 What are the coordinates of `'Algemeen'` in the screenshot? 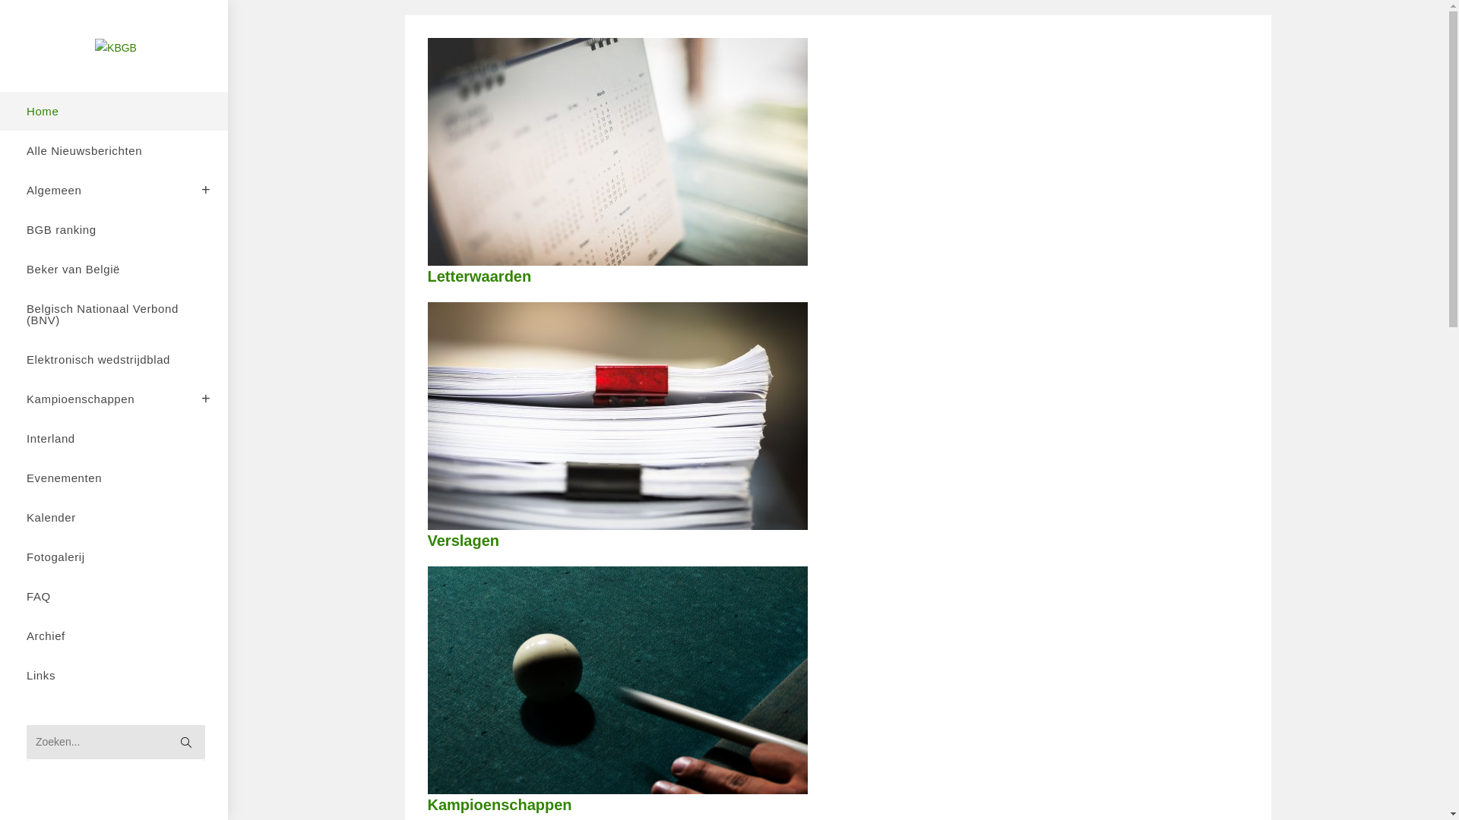 It's located at (112, 189).